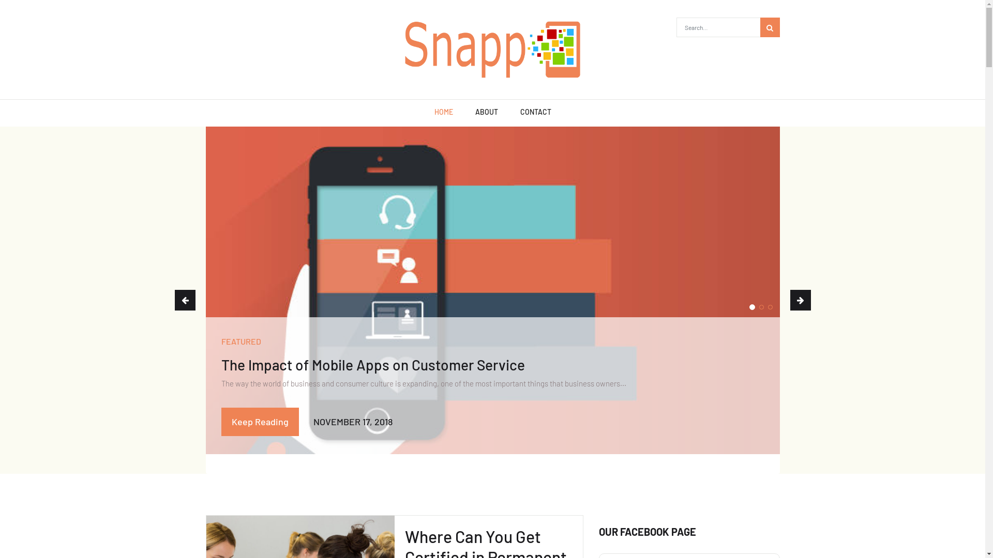  Describe the element at coordinates (767, 306) in the screenshot. I see `'3'` at that location.